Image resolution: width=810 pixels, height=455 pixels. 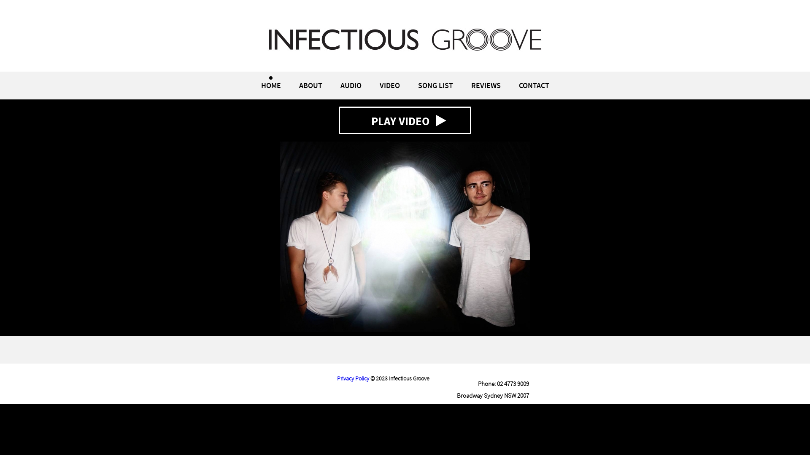 What do you see at coordinates (270, 85) in the screenshot?
I see `'HOME'` at bounding box center [270, 85].